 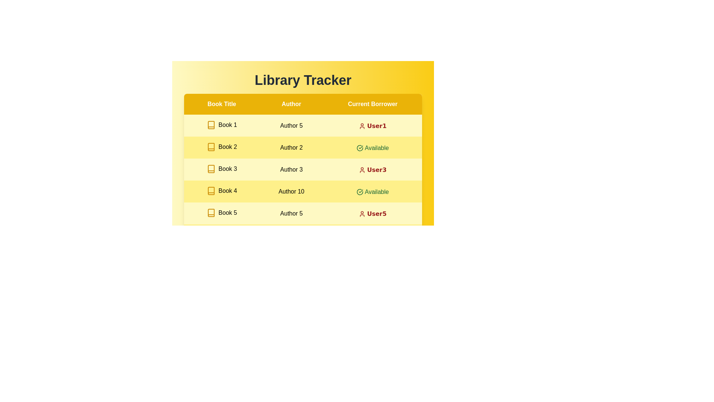 What do you see at coordinates (221, 169) in the screenshot?
I see `the book title Book 3 to inspect its details` at bounding box center [221, 169].